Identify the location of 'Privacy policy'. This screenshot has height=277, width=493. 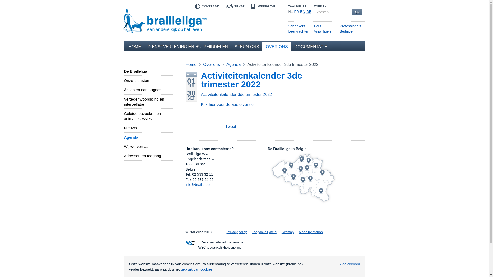
(236, 232).